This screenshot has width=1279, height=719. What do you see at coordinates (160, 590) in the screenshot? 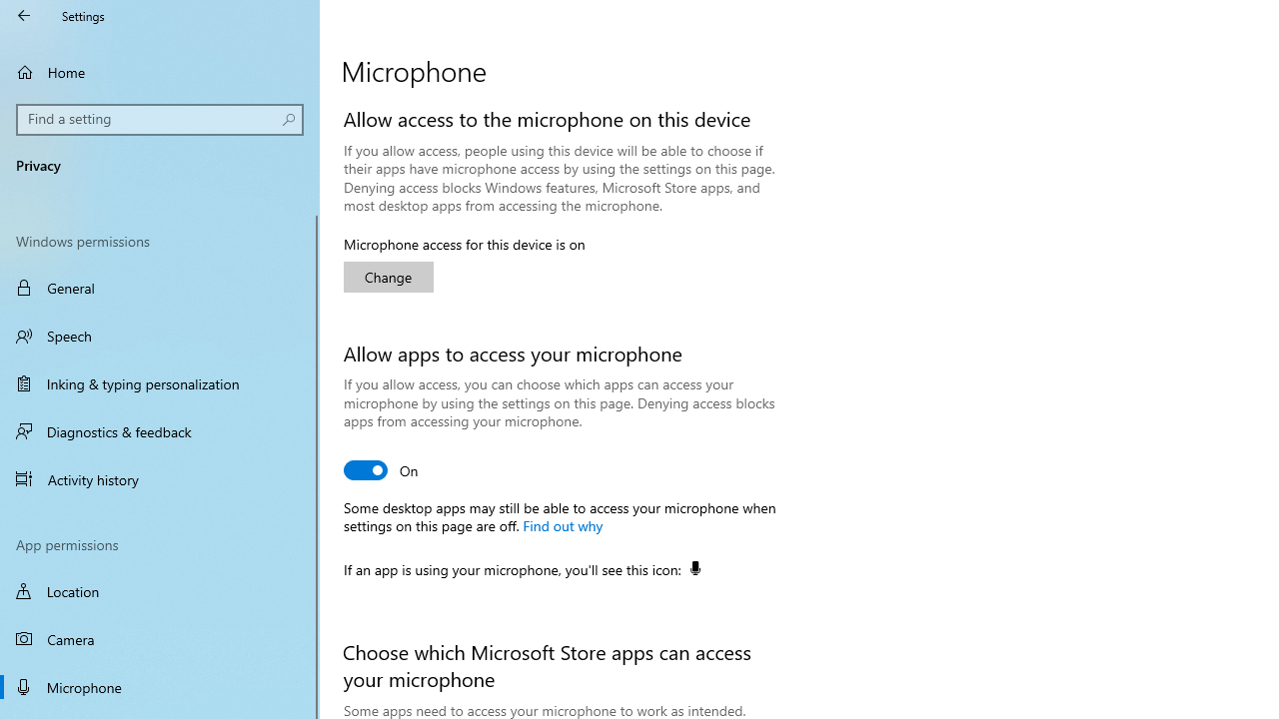
I see `'Location'` at bounding box center [160, 590].